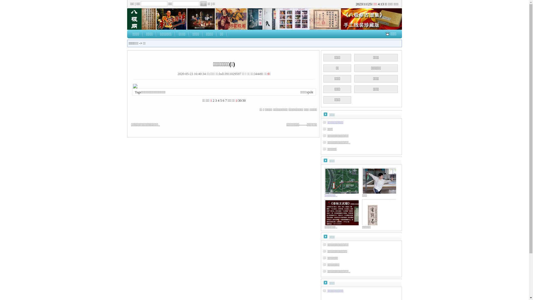 This screenshot has width=533, height=300. Describe the element at coordinates (177, 74) in the screenshot. I see `'2020-05-23 16:40:34'` at that location.